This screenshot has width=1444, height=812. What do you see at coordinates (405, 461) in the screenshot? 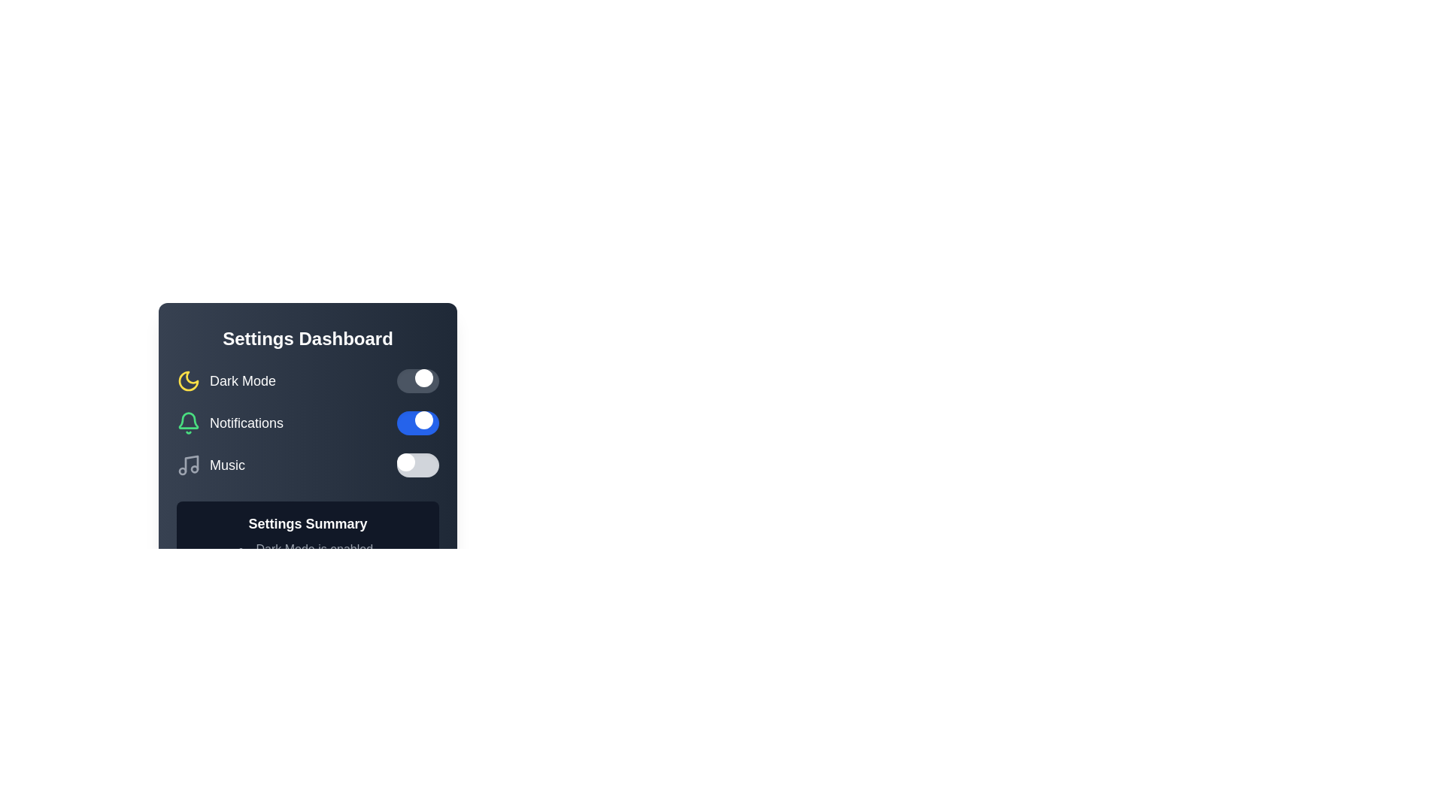
I see `the handle of the toggle switch for the 'Music' option, located at the left end of the toggle control in the 'Settings Dashboard' panel` at bounding box center [405, 461].